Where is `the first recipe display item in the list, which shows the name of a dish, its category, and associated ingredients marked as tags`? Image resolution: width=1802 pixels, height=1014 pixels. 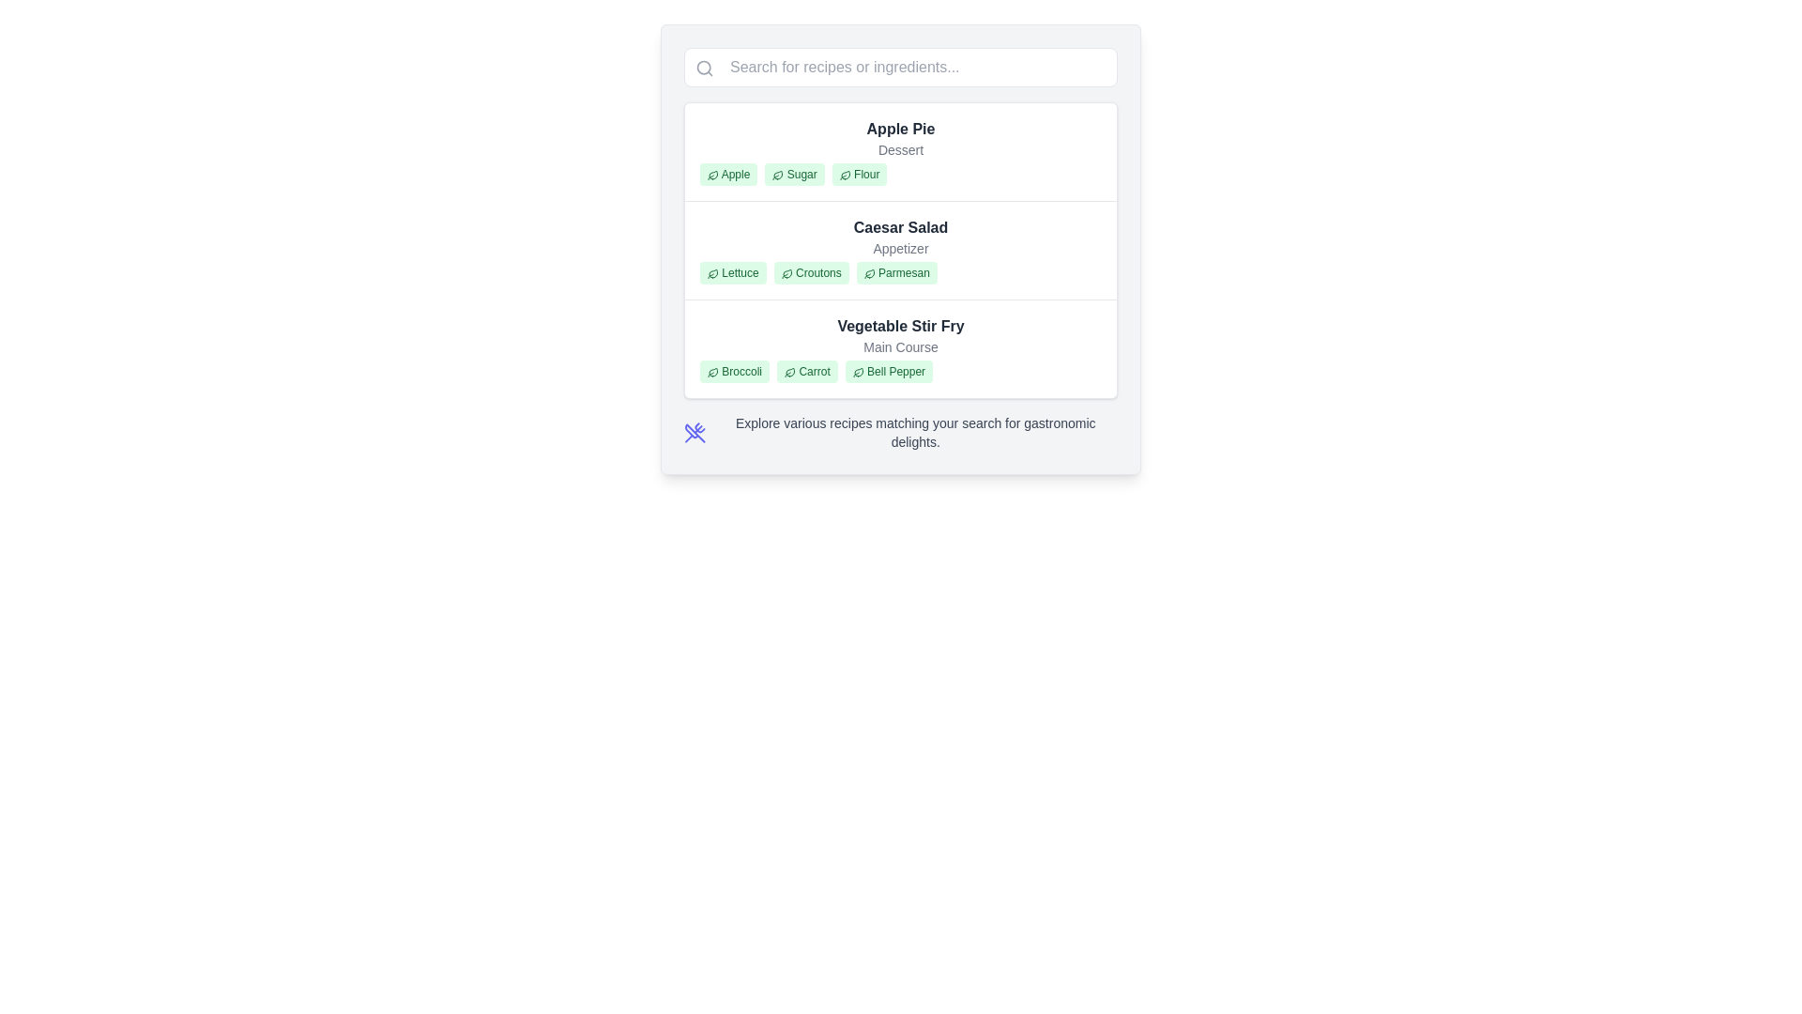 the first recipe display item in the list, which shows the name of a dish, its category, and associated ingredients marked as tags is located at coordinates (901, 151).